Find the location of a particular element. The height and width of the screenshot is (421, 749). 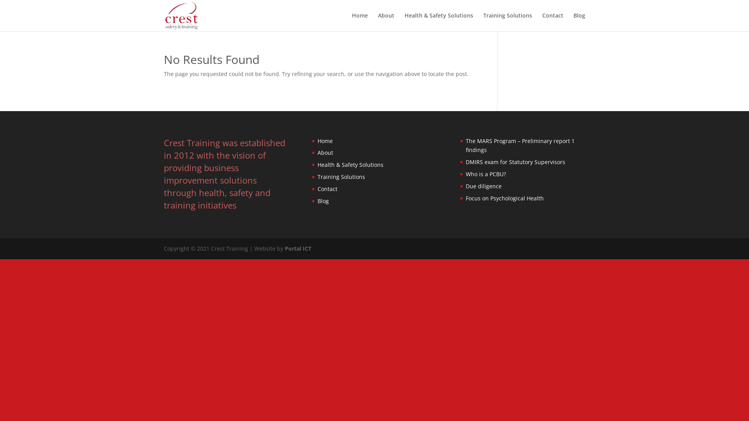

'Blog' is located at coordinates (323, 200).